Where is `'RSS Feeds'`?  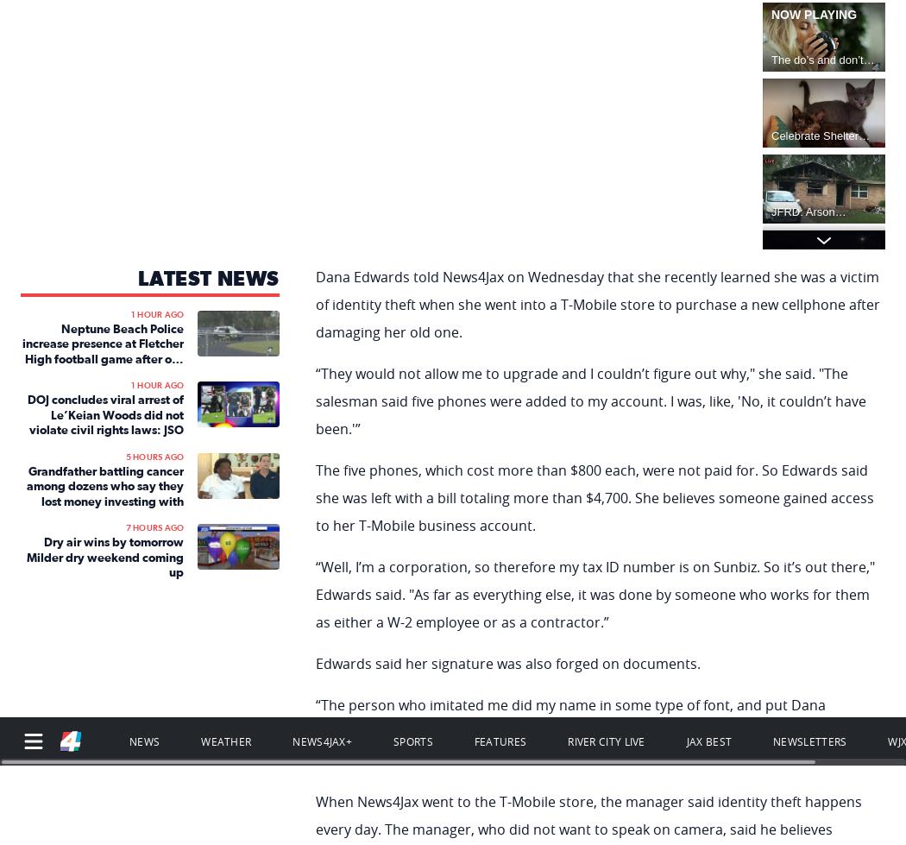
'RSS Feeds' is located at coordinates (45, 683).